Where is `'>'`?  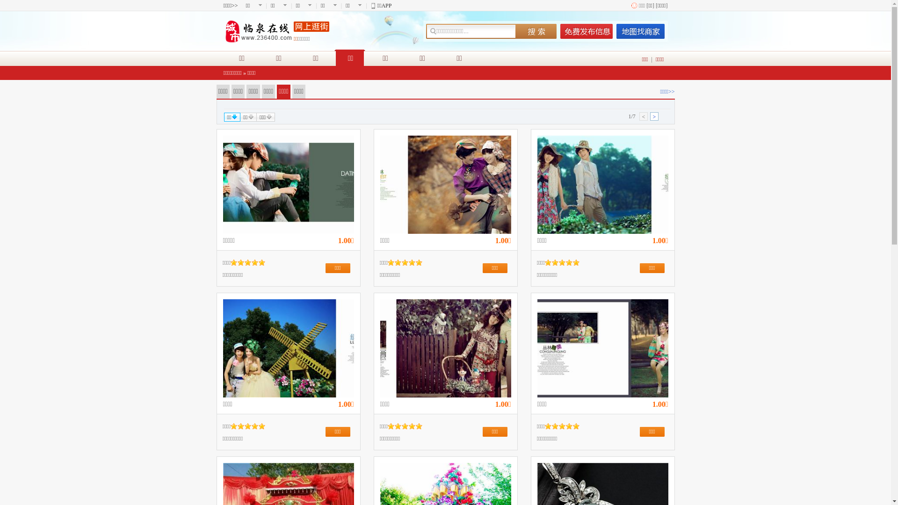
'>' is located at coordinates (653, 116).